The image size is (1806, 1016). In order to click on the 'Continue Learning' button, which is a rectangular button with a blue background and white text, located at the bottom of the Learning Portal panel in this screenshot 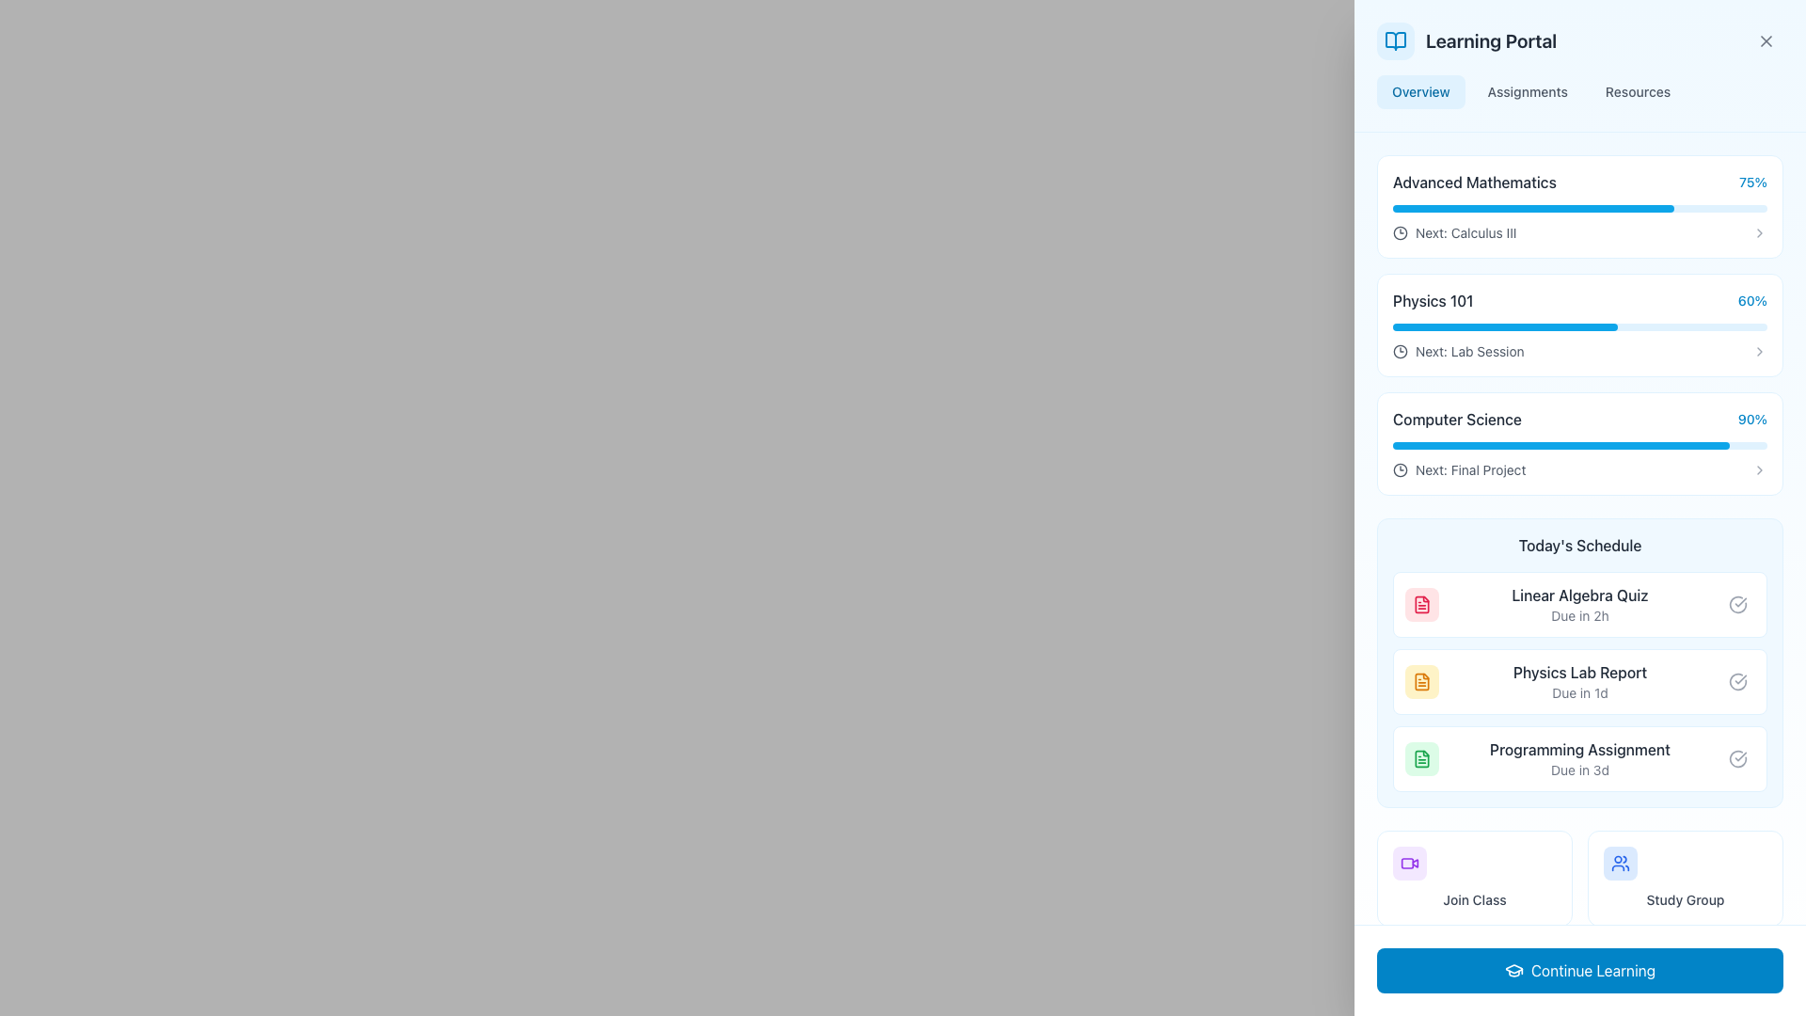, I will do `click(1620, 974)`.